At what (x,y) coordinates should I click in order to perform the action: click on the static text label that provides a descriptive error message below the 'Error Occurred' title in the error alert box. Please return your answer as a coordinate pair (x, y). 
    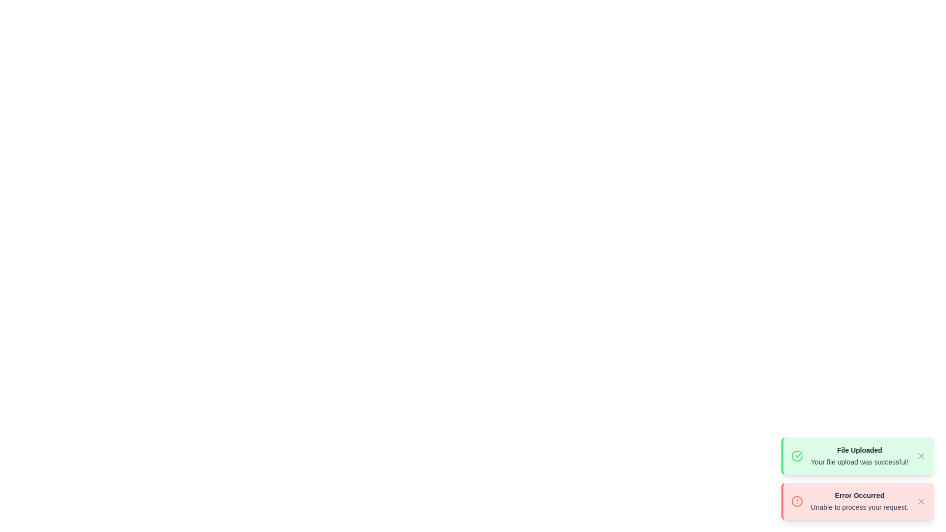
    Looking at the image, I should click on (859, 507).